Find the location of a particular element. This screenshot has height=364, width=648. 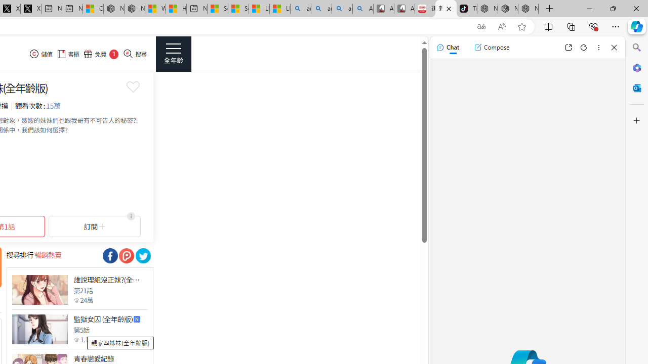

'Nordace - Best Sellers' is located at coordinates (488, 9).